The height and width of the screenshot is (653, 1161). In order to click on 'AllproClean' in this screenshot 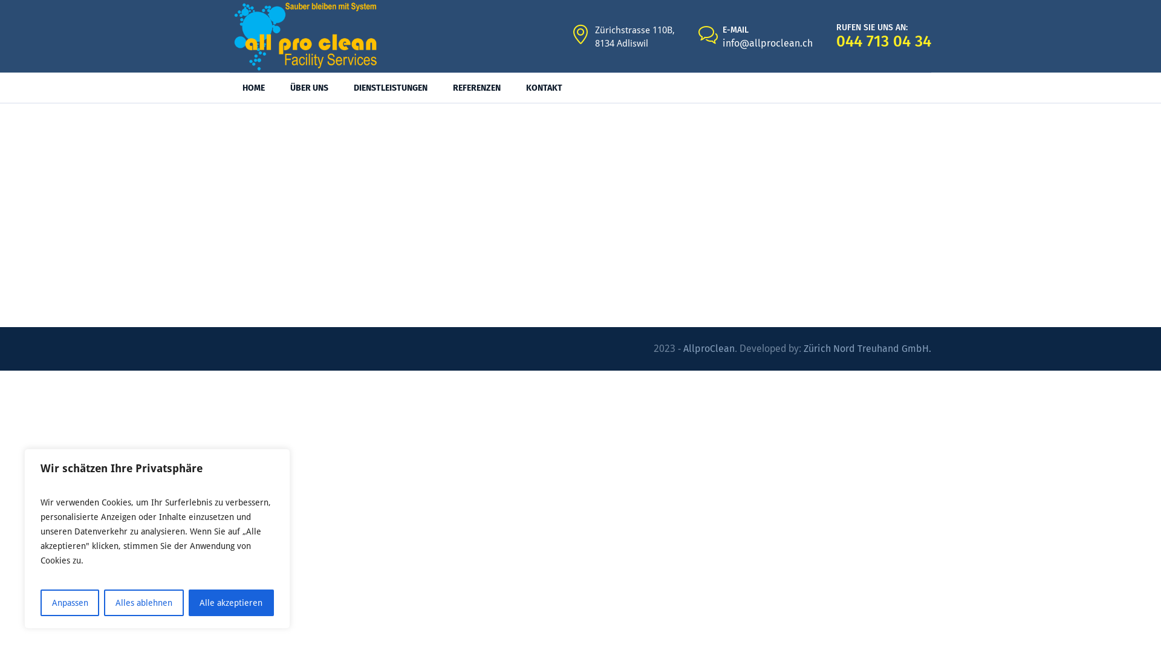, I will do `click(709, 348)`.